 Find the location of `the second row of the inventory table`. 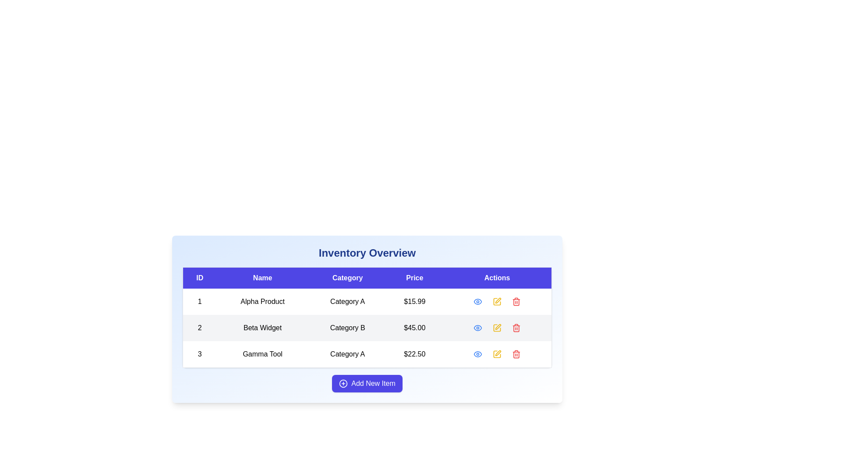

the second row of the inventory table is located at coordinates (367, 319).